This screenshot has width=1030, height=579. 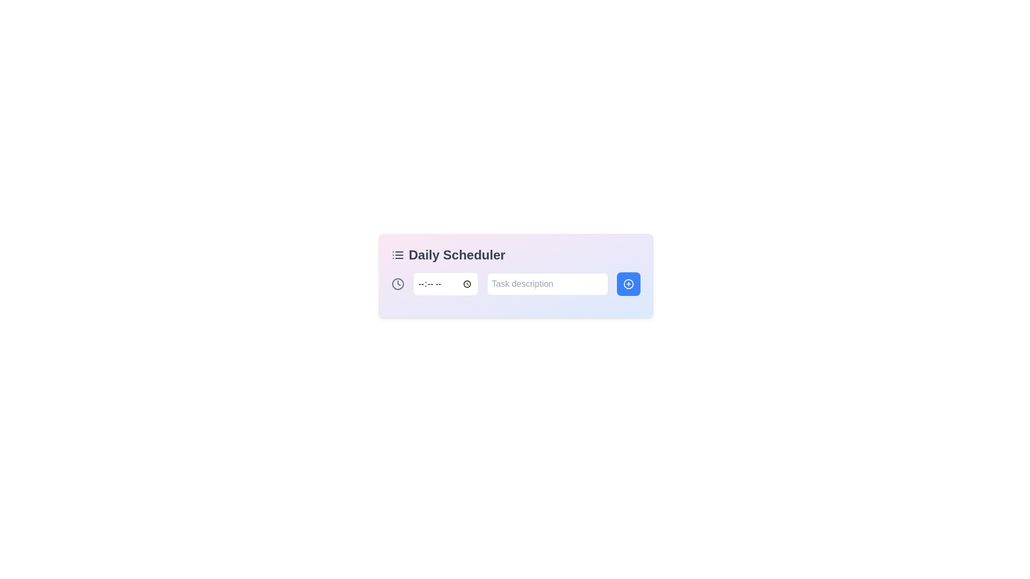 What do you see at coordinates (628, 283) in the screenshot?
I see `the SVG Circle that serves as a functional part of an interactive icon in the header of the 'Daily Scheduler' application` at bounding box center [628, 283].